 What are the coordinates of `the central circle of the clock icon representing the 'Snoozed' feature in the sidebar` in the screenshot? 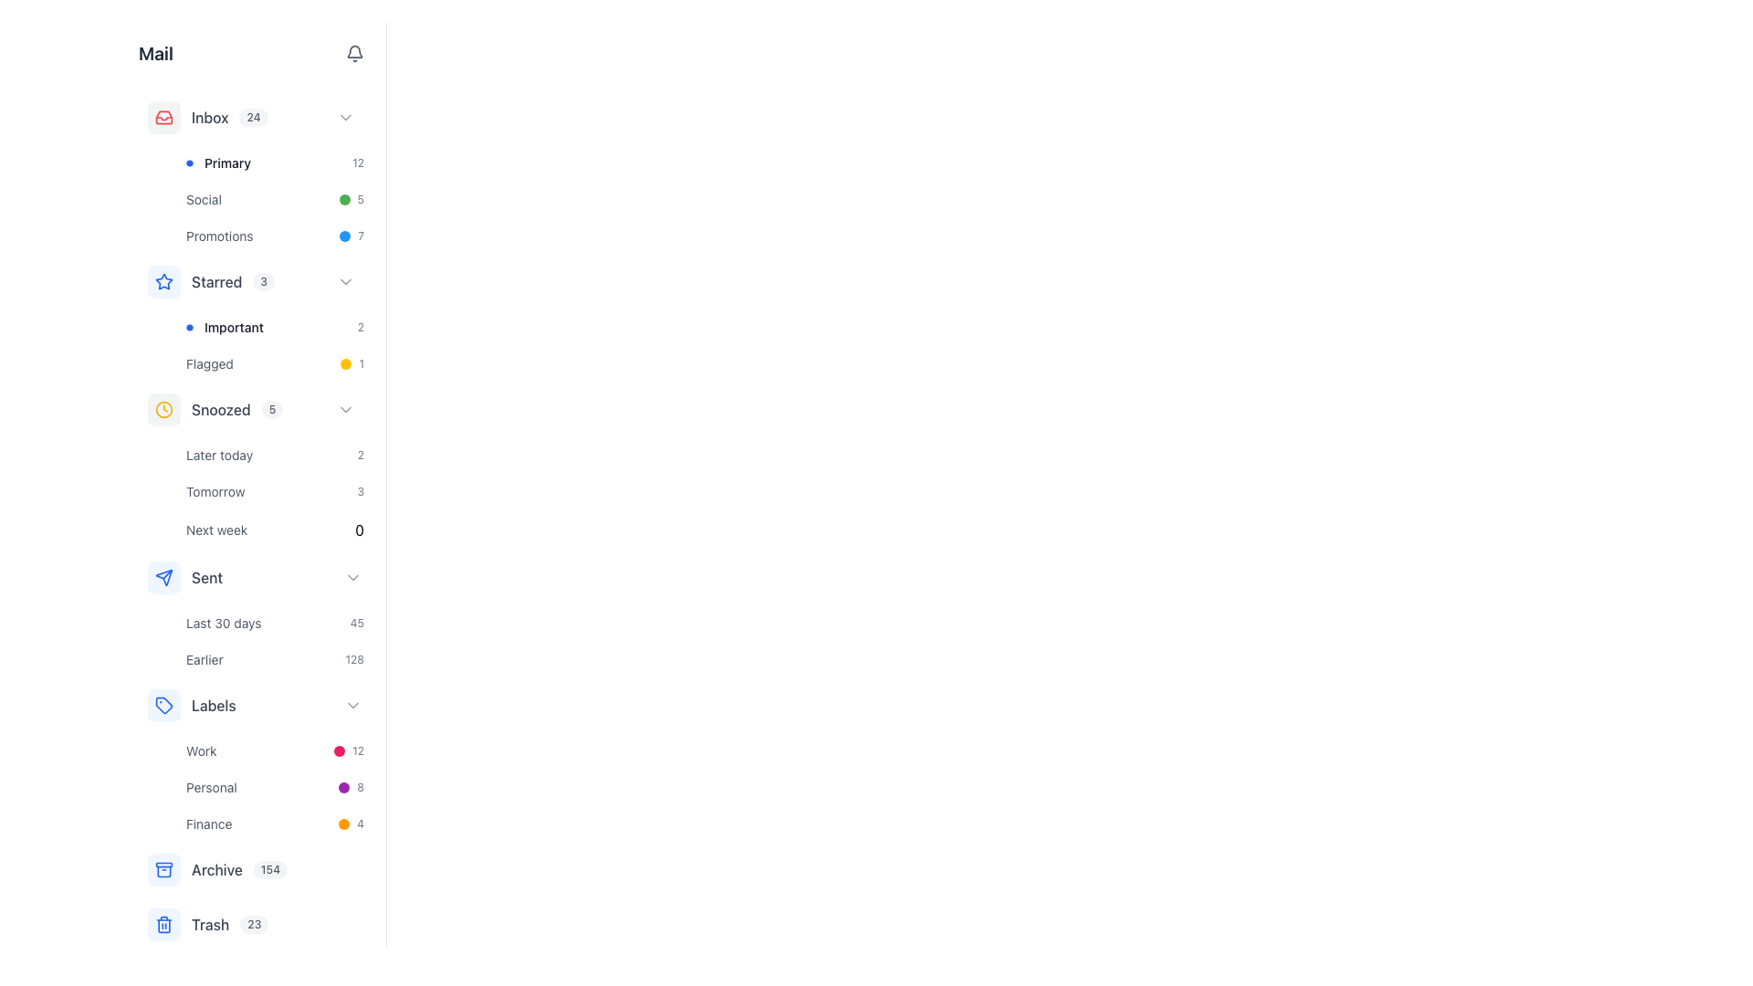 It's located at (164, 408).